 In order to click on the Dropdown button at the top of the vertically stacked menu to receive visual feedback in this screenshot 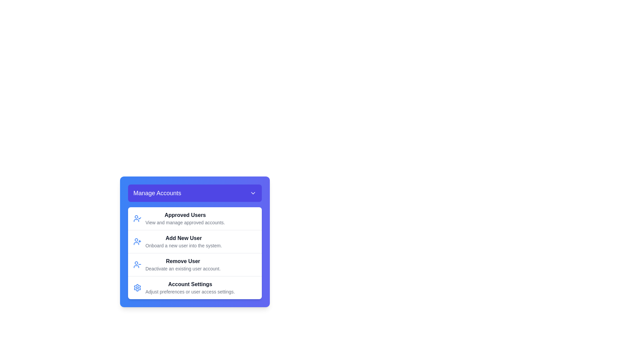, I will do `click(194, 193)`.